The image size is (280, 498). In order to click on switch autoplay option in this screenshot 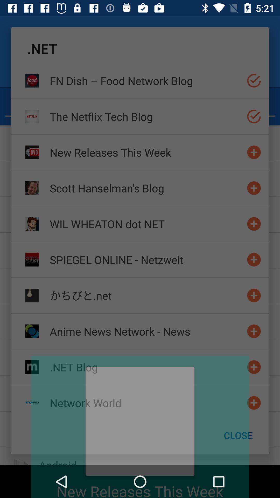, I will do `click(254, 331)`.